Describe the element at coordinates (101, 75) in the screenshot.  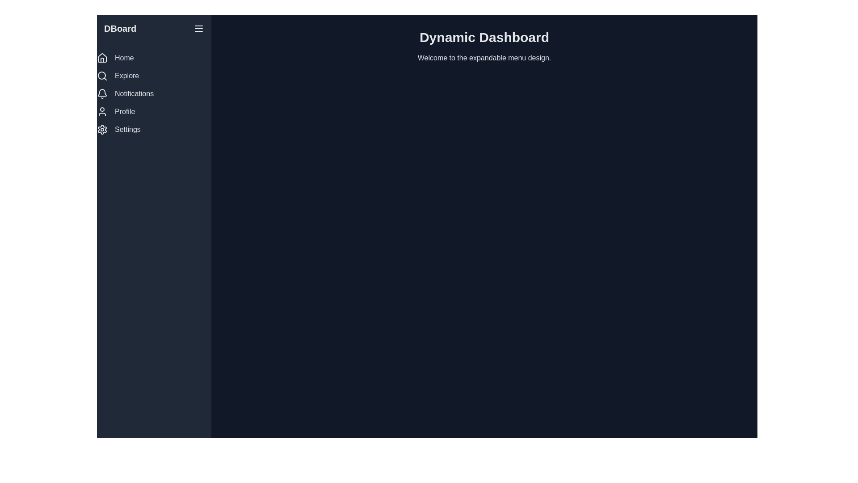
I see `the circular outline element of the search icon located in the vertical side navigation bar` at that location.